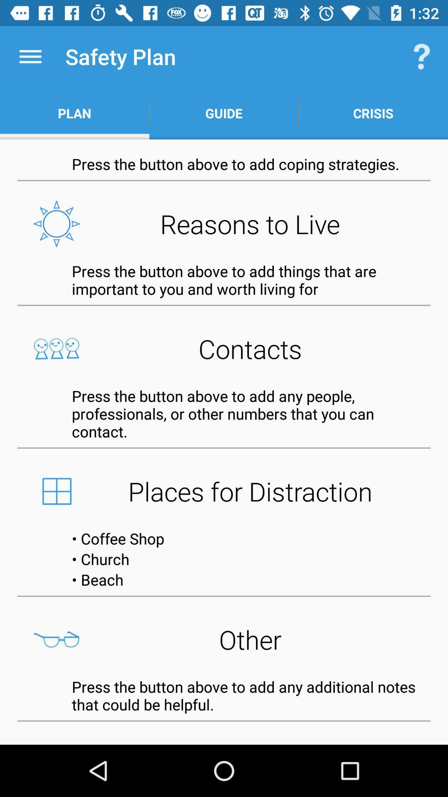 Image resolution: width=448 pixels, height=797 pixels. Describe the element at coordinates (224, 113) in the screenshot. I see `item next to the plan item` at that location.